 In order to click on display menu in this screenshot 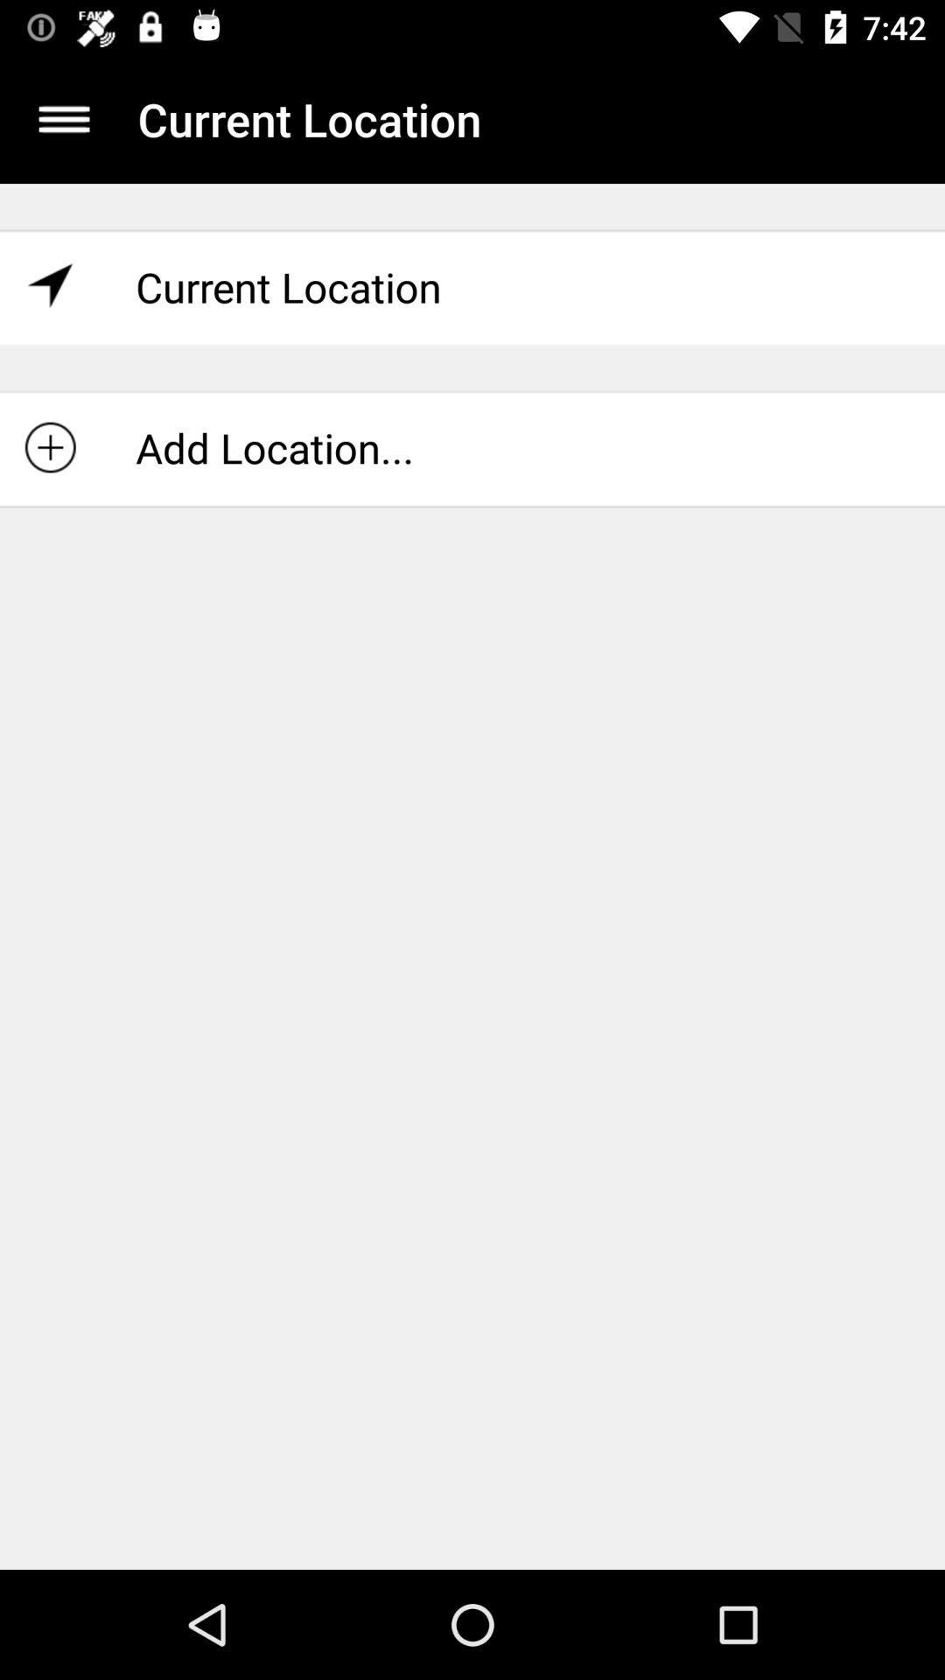, I will do `click(63, 118)`.